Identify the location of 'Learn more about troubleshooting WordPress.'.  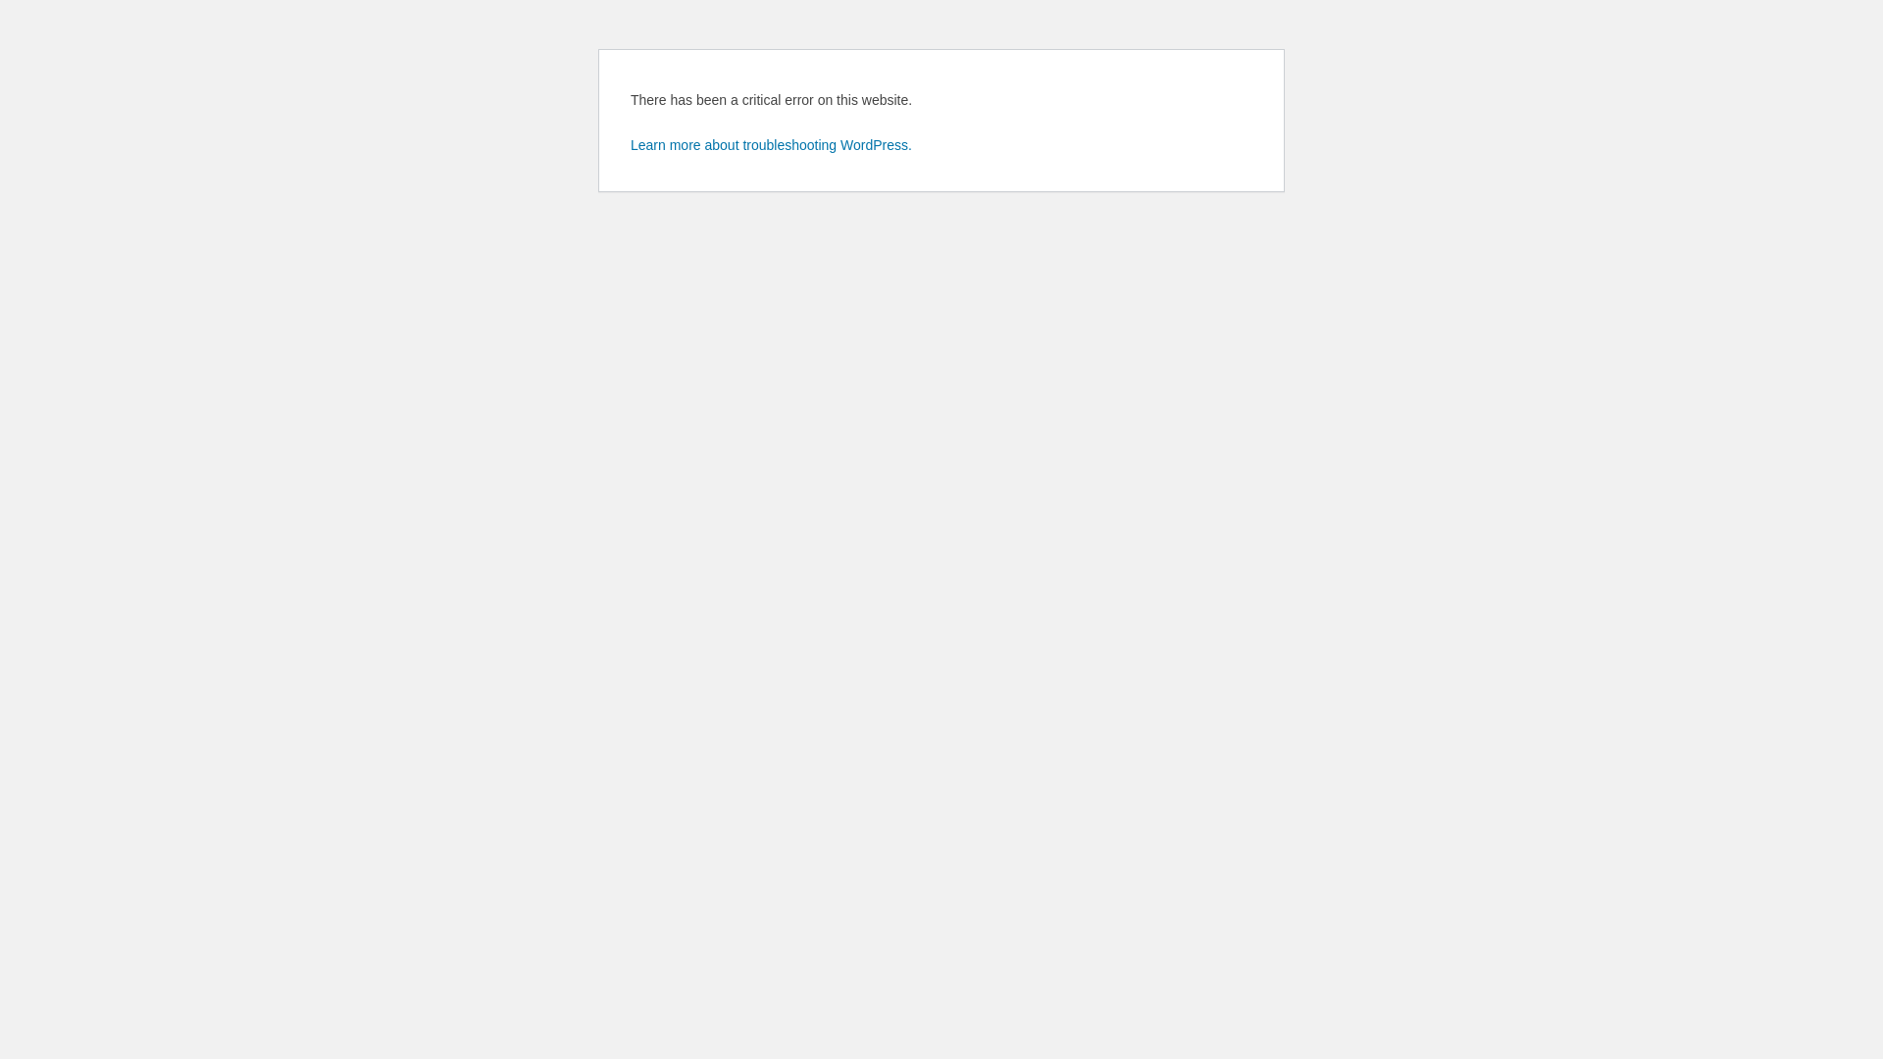
(770, 143).